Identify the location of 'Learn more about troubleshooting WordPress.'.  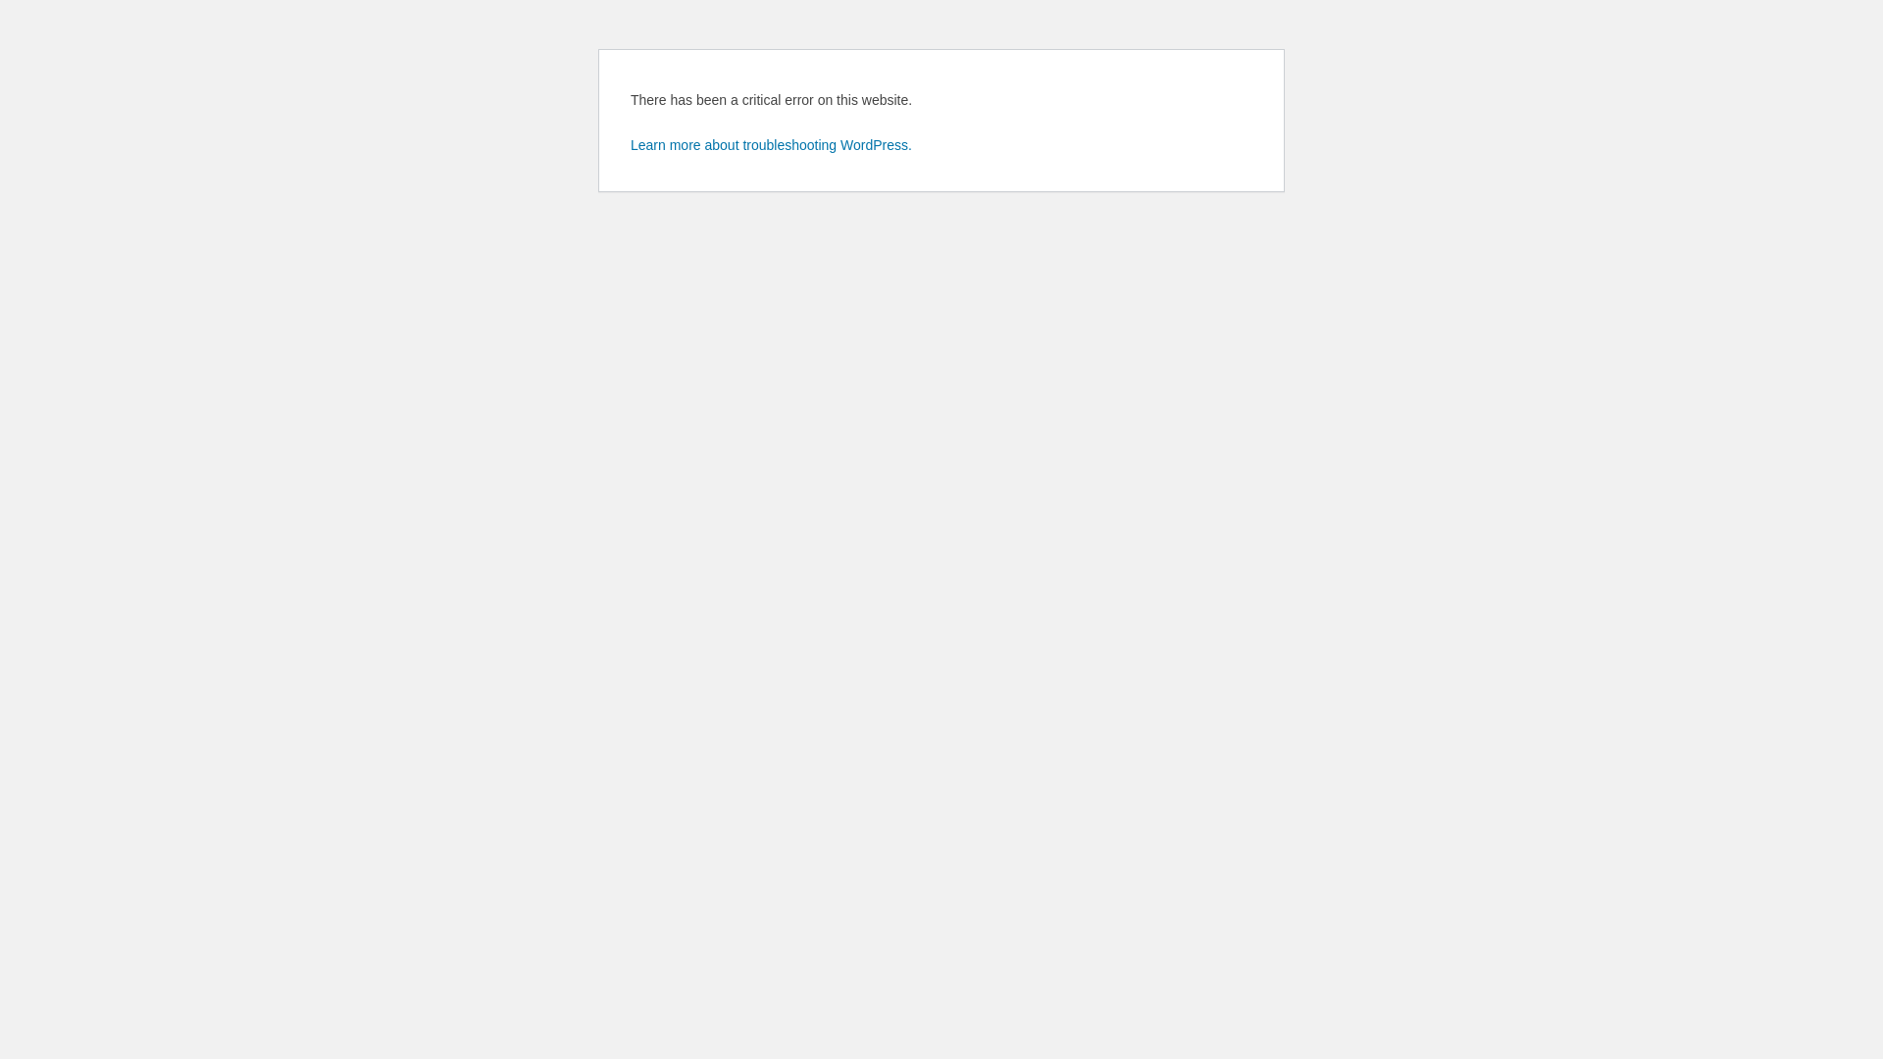
(770, 143).